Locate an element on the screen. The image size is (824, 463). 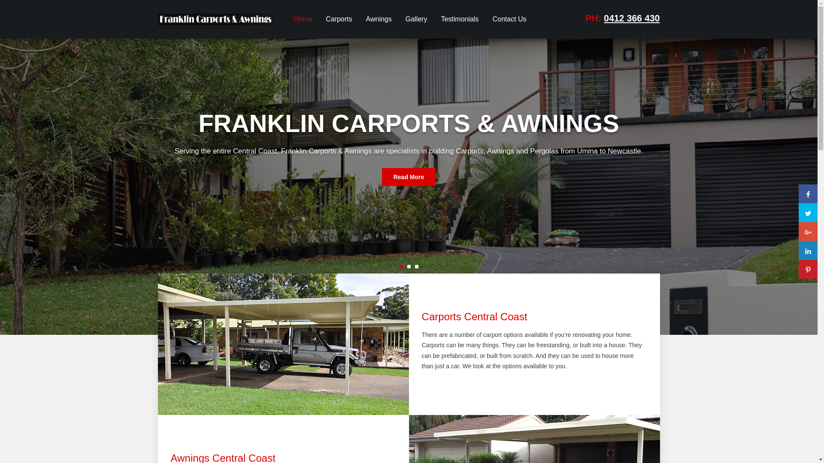
'Home' is located at coordinates (303, 19).